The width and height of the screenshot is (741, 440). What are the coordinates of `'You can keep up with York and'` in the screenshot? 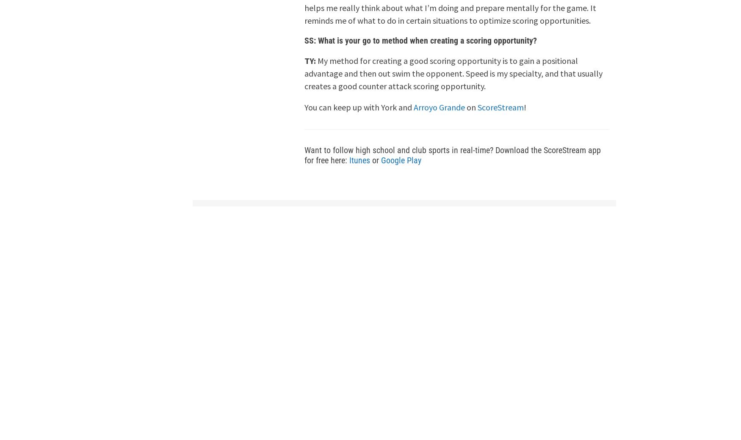 It's located at (359, 107).